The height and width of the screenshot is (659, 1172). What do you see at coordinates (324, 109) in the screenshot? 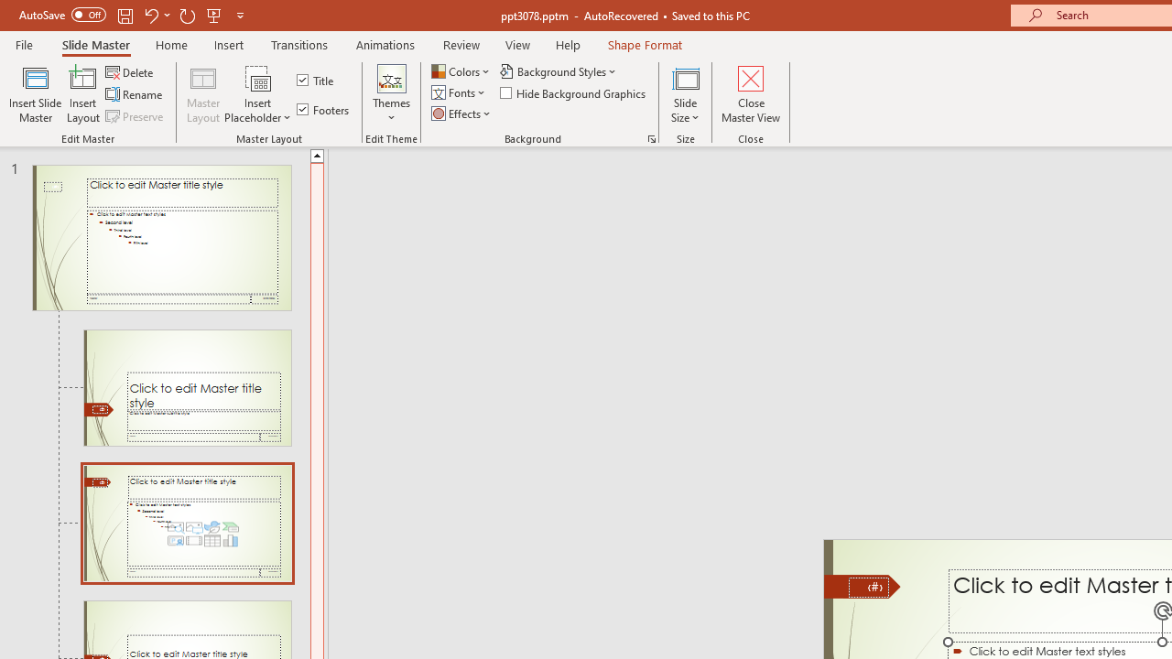
I see `'Footers'` at bounding box center [324, 109].